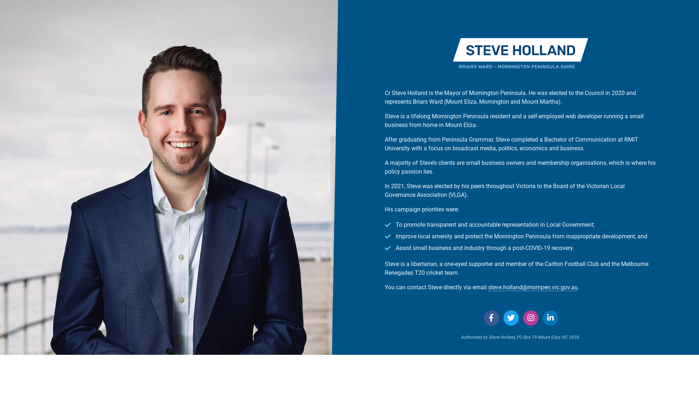 The width and height of the screenshot is (699, 393). Describe the element at coordinates (533, 287) in the screenshot. I see `'steve.holland@mornpen.vic.gov.au'` at that location.